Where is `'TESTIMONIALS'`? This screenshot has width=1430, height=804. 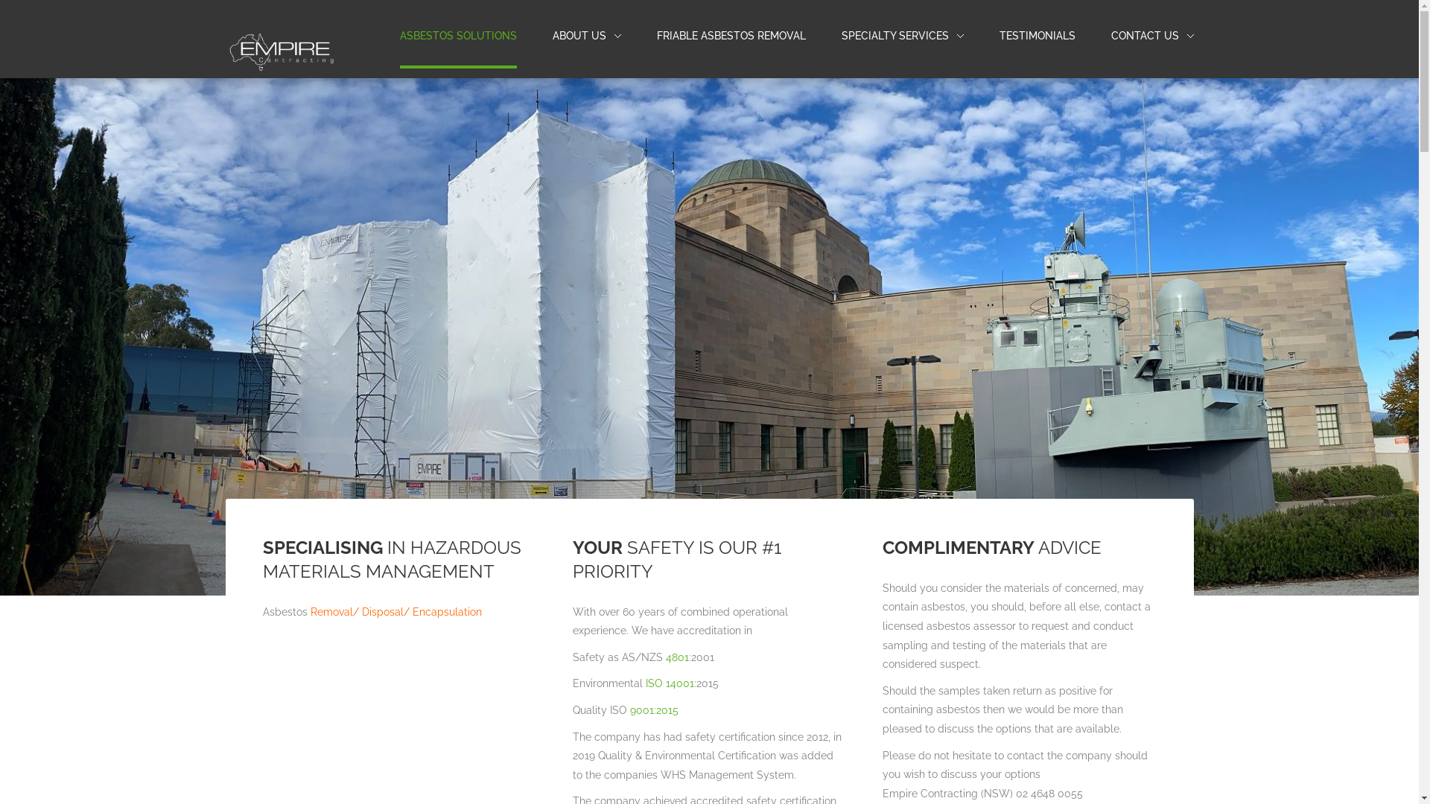
'TESTIMONIALS' is located at coordinates (1036, 34).